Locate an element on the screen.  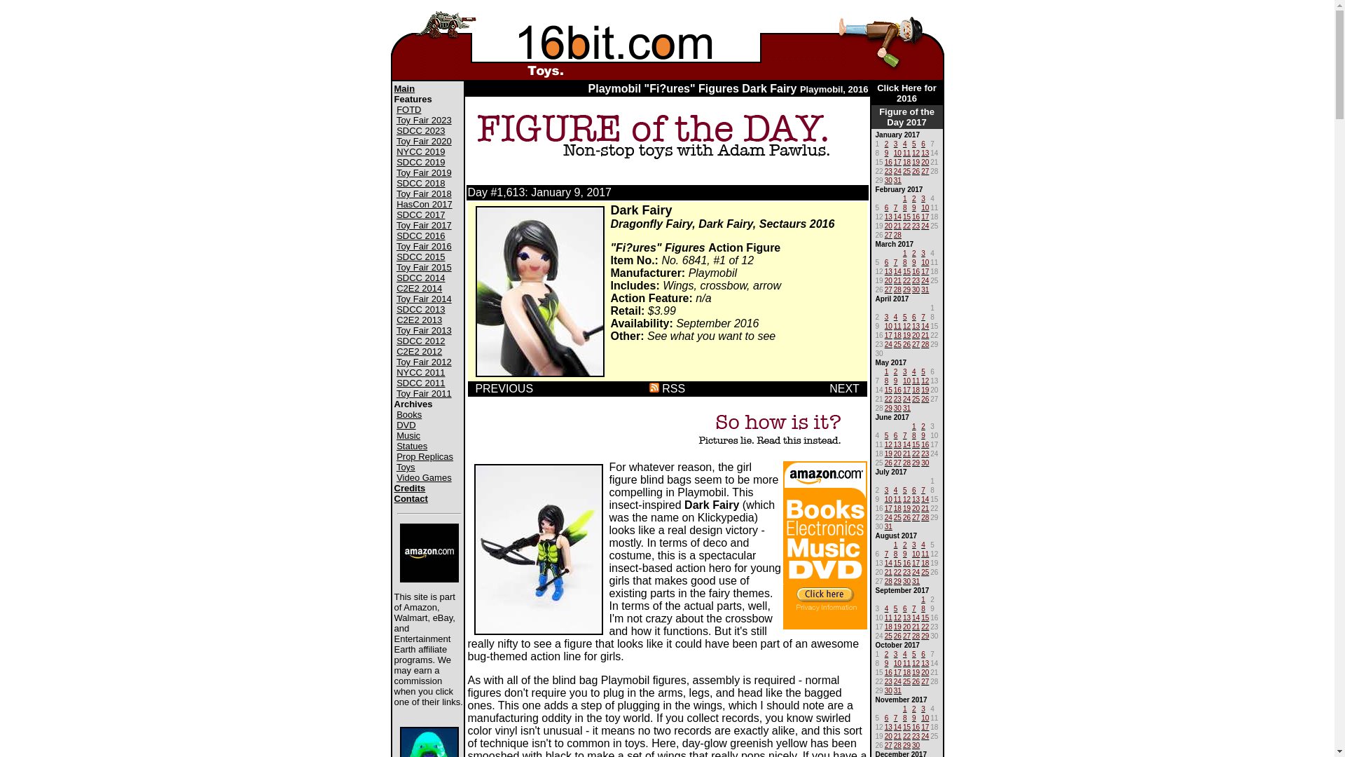
'5' is located at coordinates (904, 488).